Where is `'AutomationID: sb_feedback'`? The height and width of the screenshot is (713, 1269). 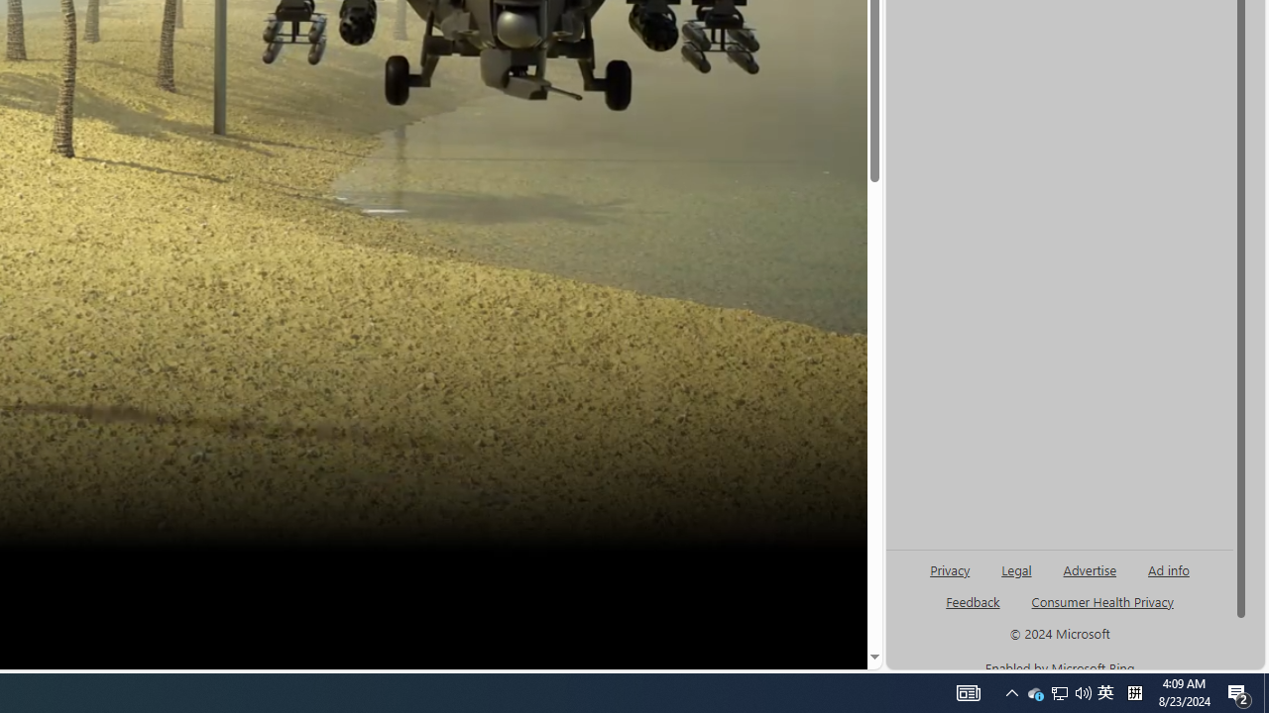 'AutomationID: sb_feedback' is located at coordinates (973, 600).